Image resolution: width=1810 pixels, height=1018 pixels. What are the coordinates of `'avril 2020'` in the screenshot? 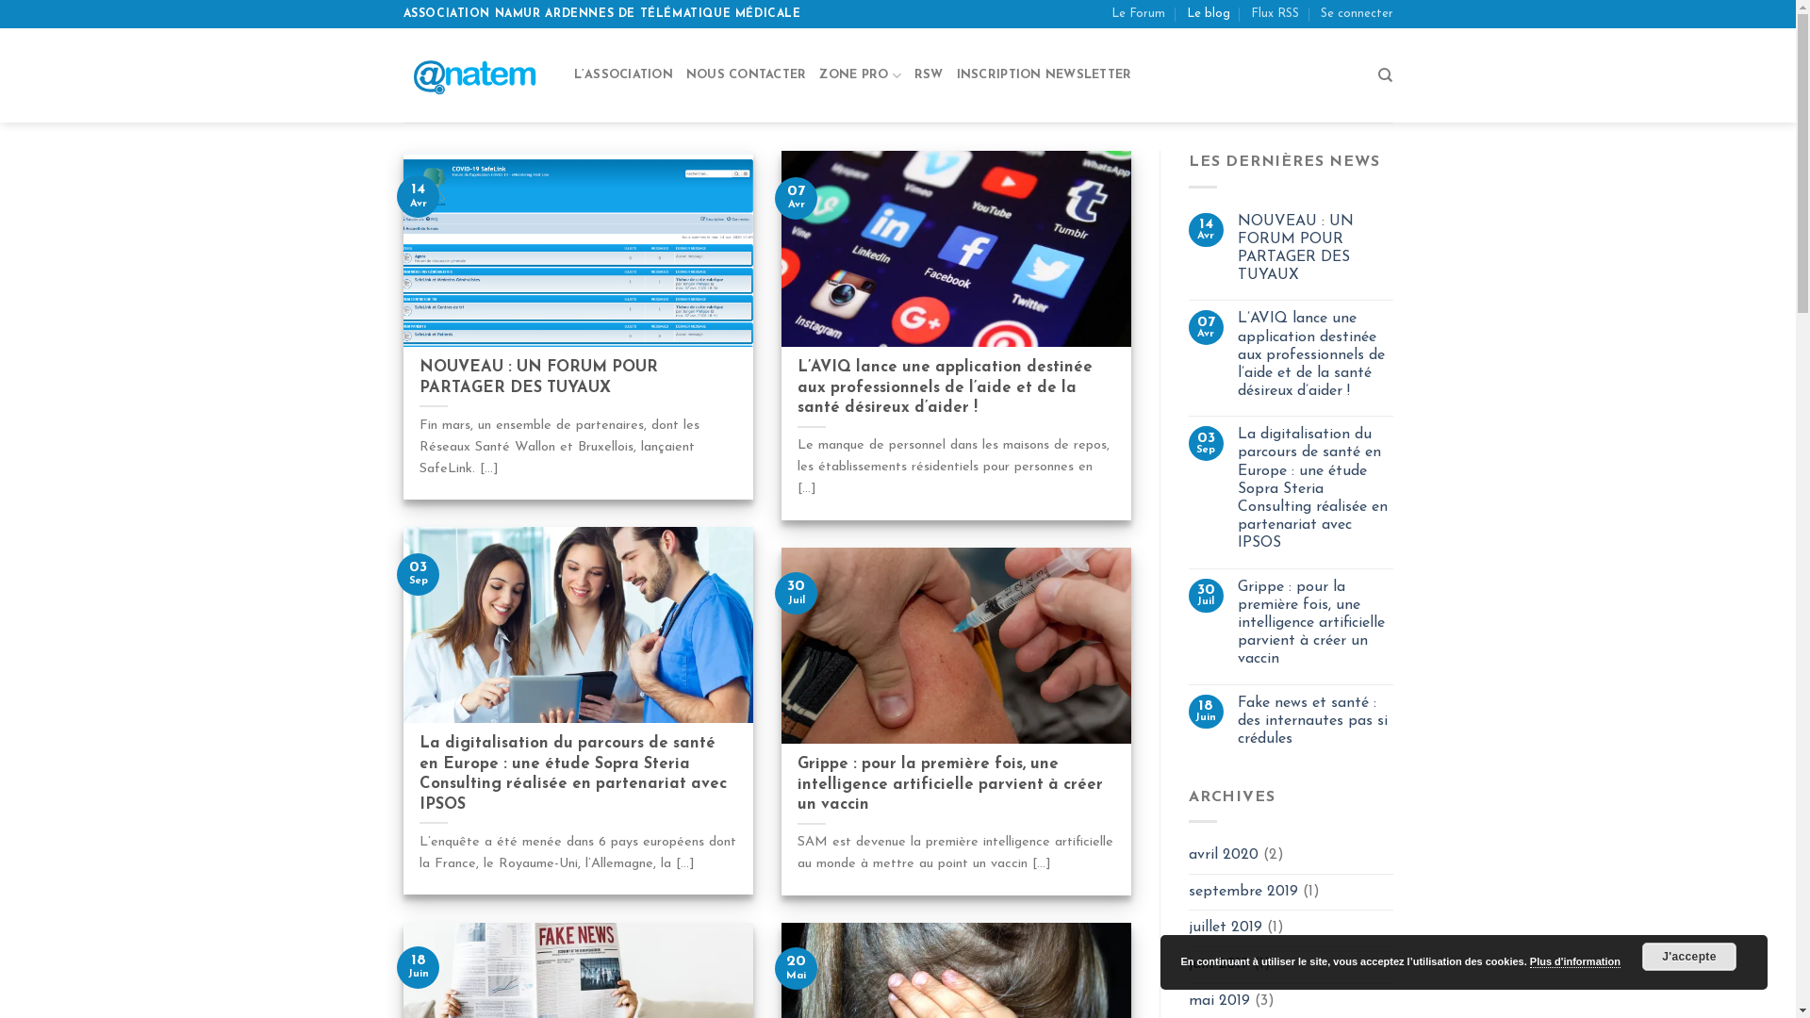 It's located at (1188, 855).